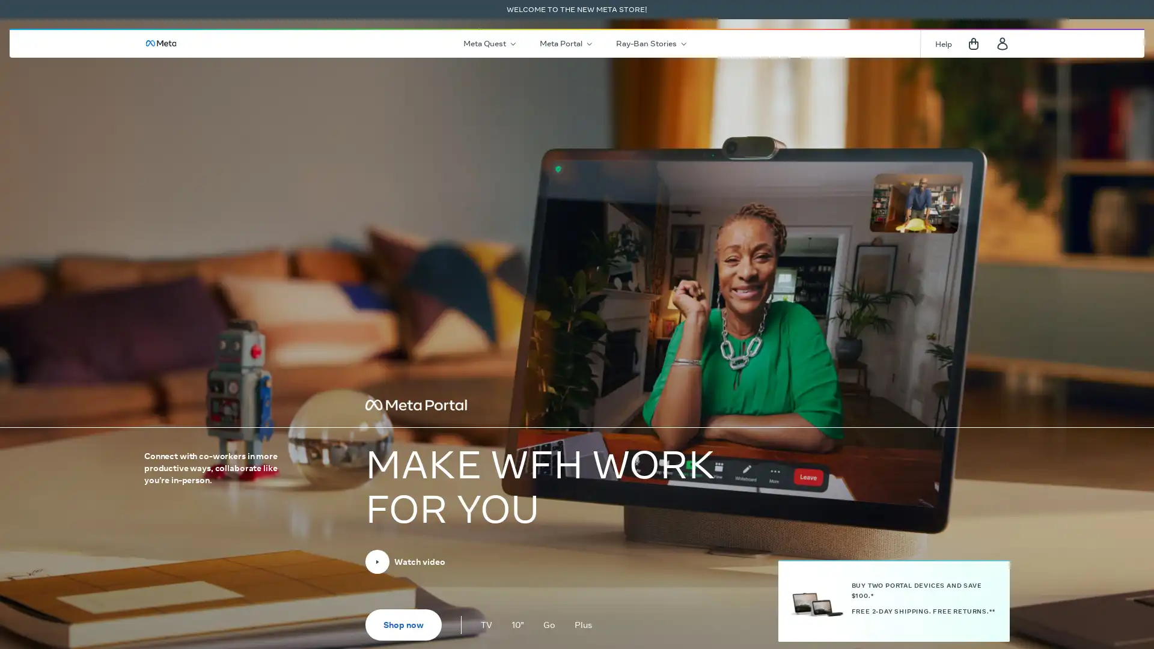 The image size is (1154, 649). Describe the element at coordinates (489, 43) in the screenshot. I see `Meta Quest` at that location.